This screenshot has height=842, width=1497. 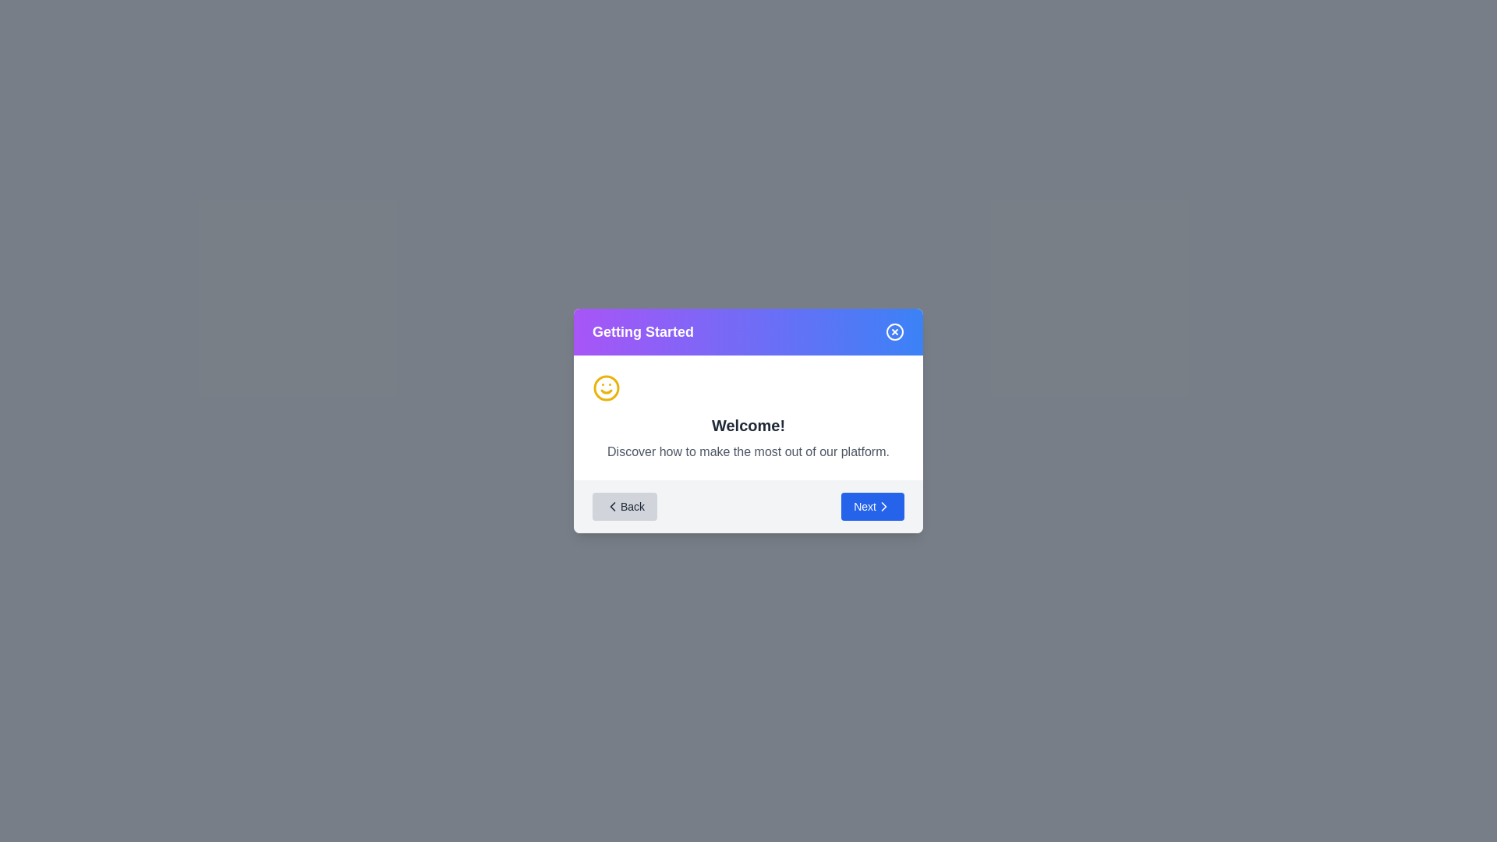 I want to click on the 'Back' button icon, which is a triangular arrowhead representing a backward navigation action located at the bottom-left corner of the dialog box, so click(x=612, y=507).